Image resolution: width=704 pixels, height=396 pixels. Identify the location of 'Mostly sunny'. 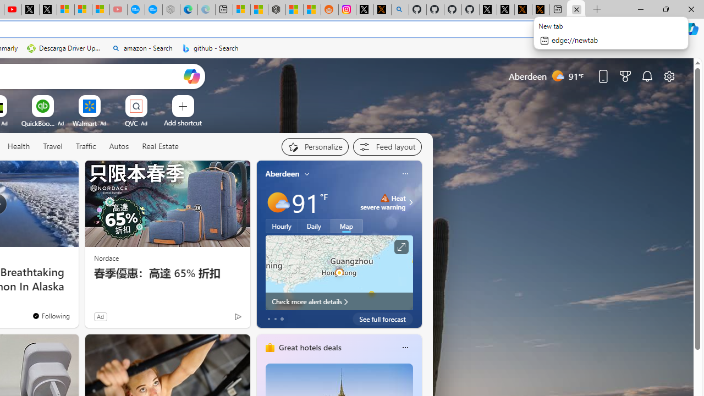
(277, 202).